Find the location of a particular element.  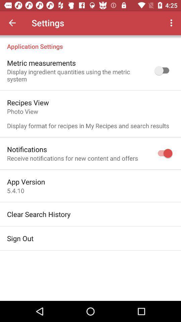

the sign out is located at coordinates (20, 238).